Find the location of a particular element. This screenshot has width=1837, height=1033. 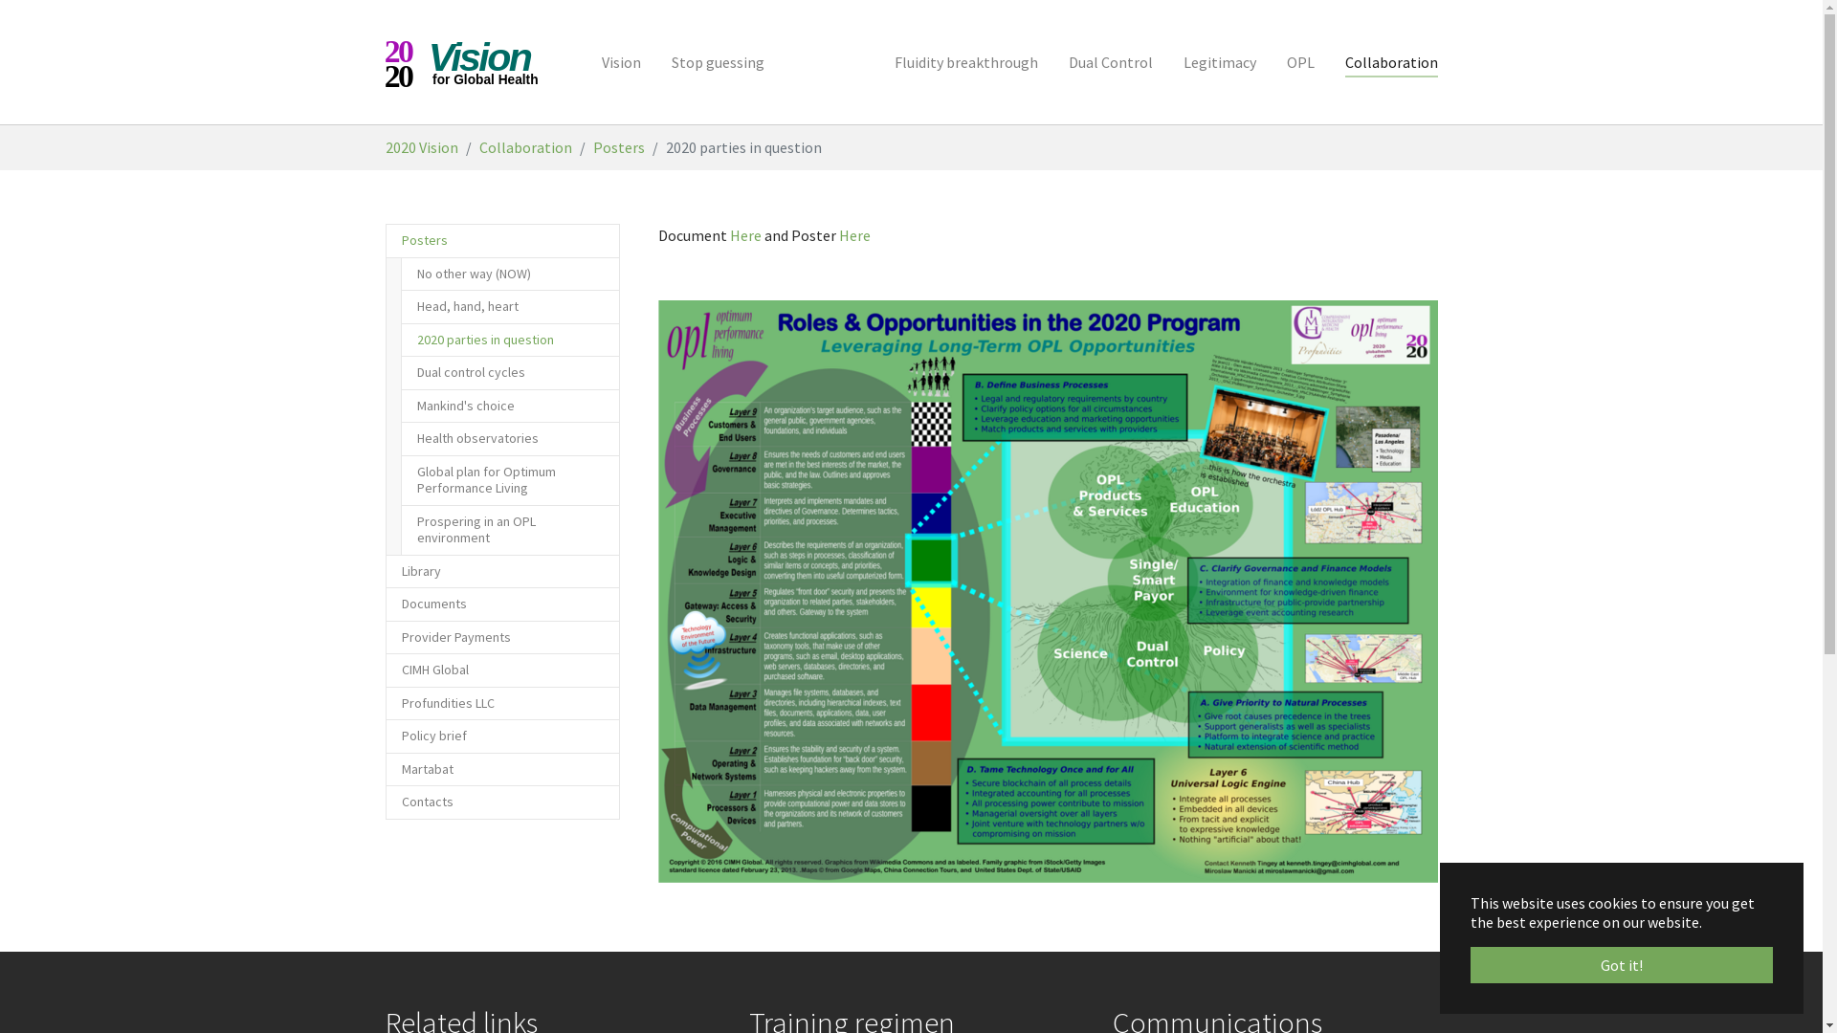

'Here' is located at coordinates (743, 234).